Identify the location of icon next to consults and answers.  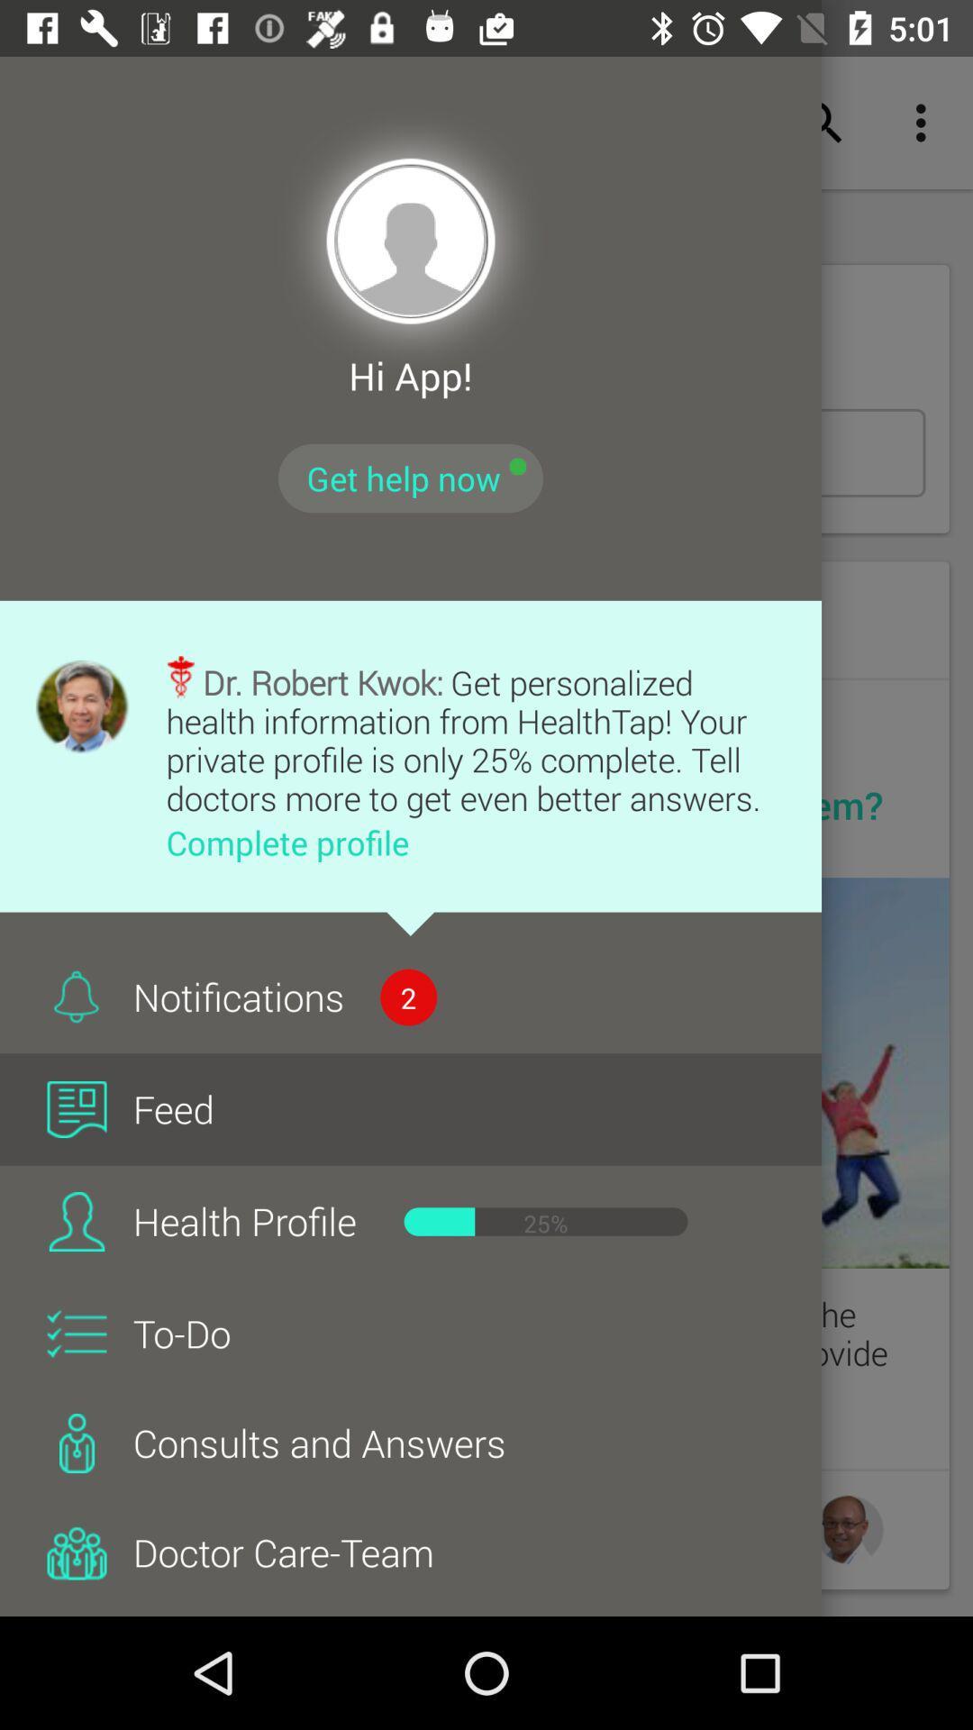
(76, 1443).